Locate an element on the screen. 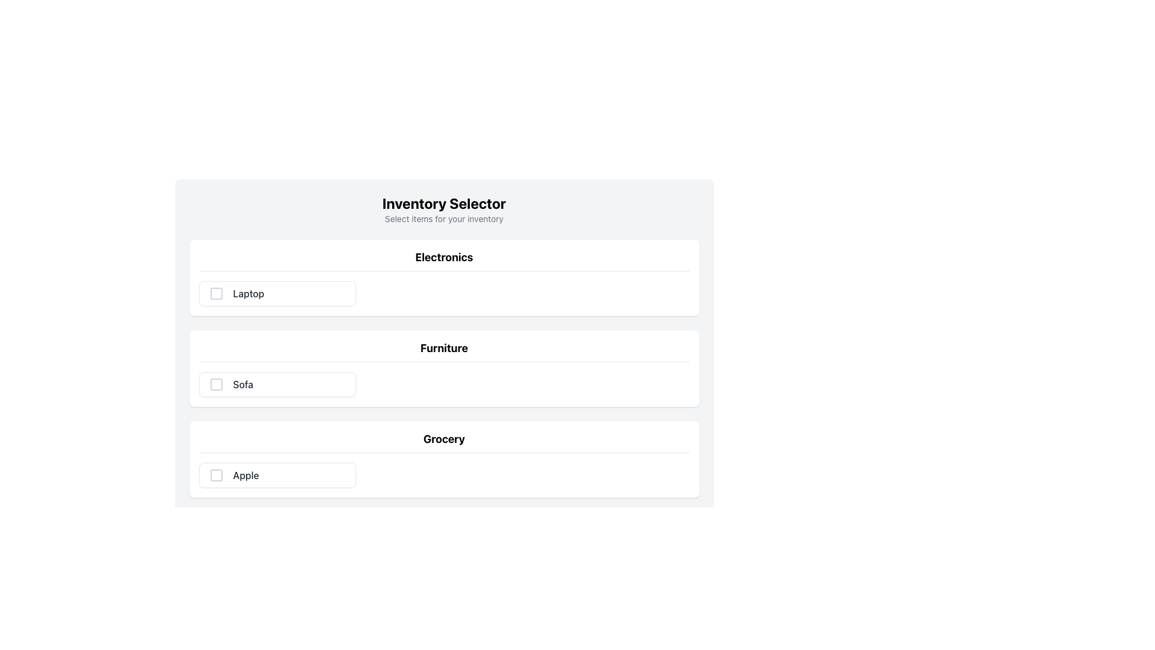  the 'Furniture' category label, which visually separates and signifies this section within the list, located below 'Electronics' and above 'Grocery' is located at coordinates (443, 351).